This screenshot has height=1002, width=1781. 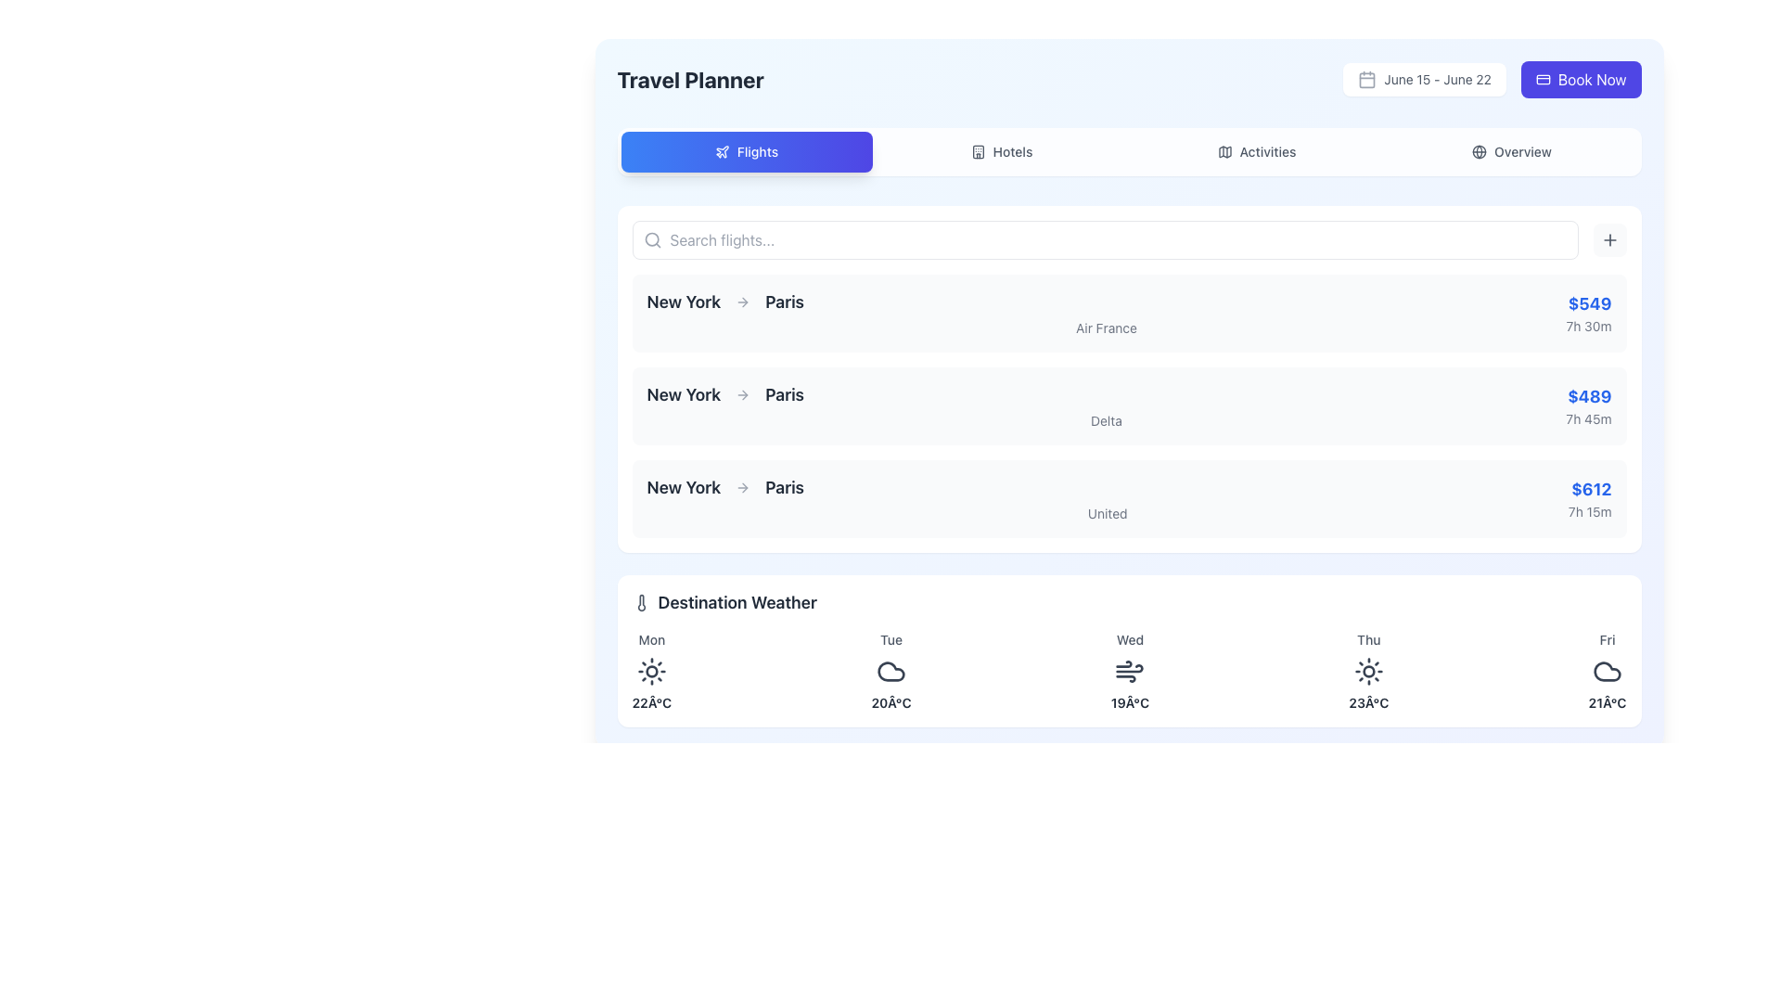 I want to click on the decorative weather icon located beside the 'Destination Weather' text, which serves as a visual indicator for the weather section, so click(x=641, y=603).